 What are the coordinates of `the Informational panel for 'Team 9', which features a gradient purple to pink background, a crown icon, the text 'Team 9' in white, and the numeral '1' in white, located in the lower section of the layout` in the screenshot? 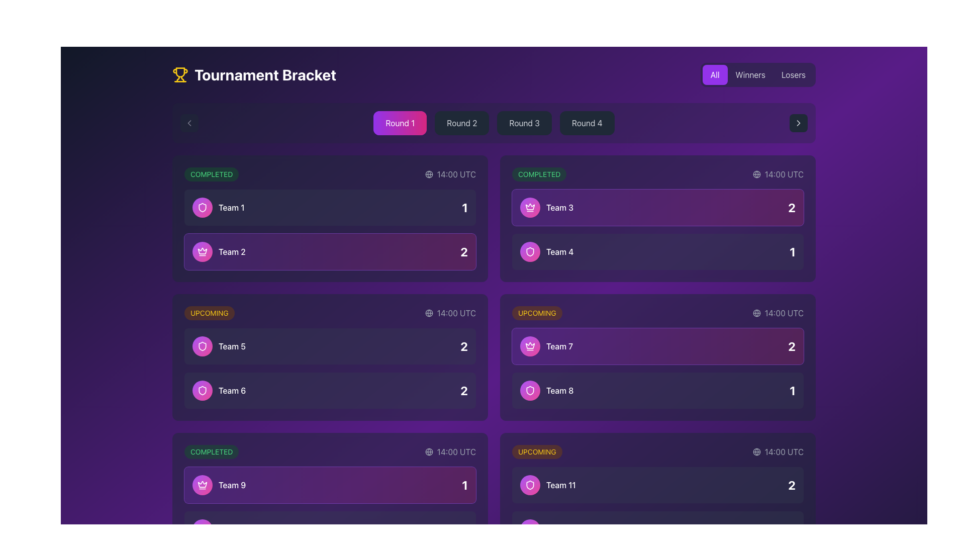 It's located at (330, 484).